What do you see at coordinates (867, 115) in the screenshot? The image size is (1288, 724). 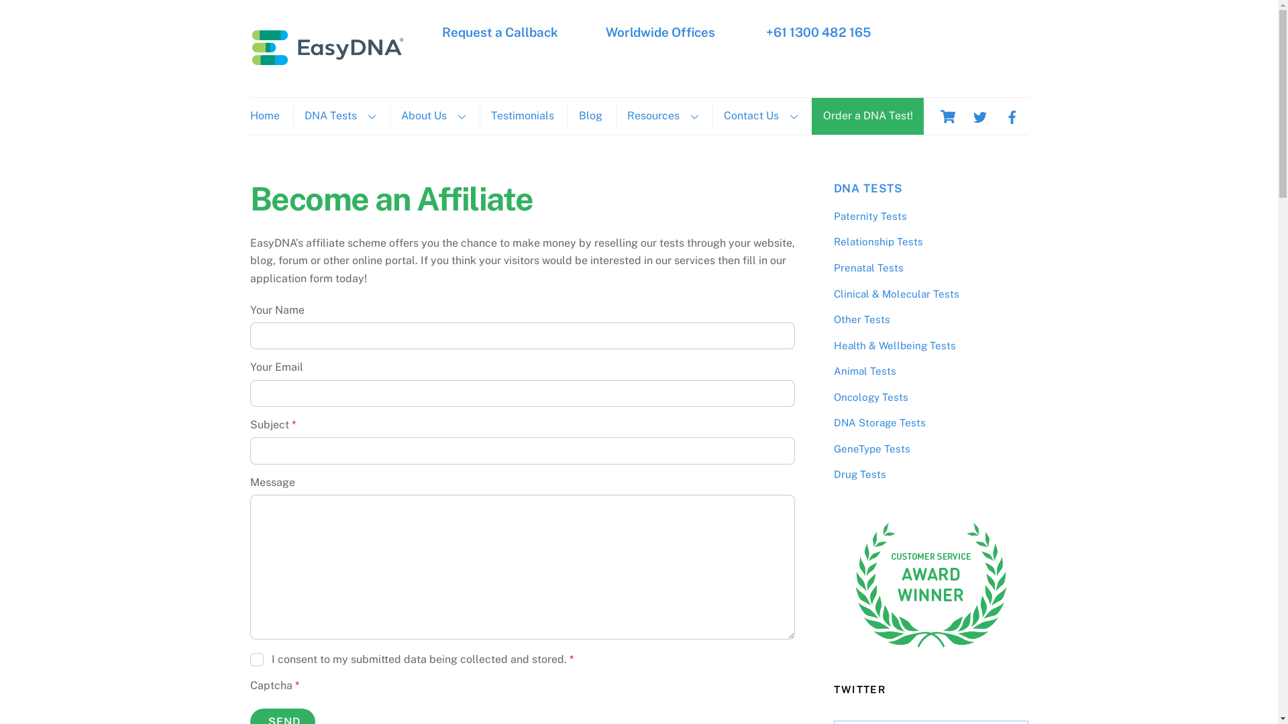 I see `'Order a DNA Test!'` at bounding box center [867, 115].